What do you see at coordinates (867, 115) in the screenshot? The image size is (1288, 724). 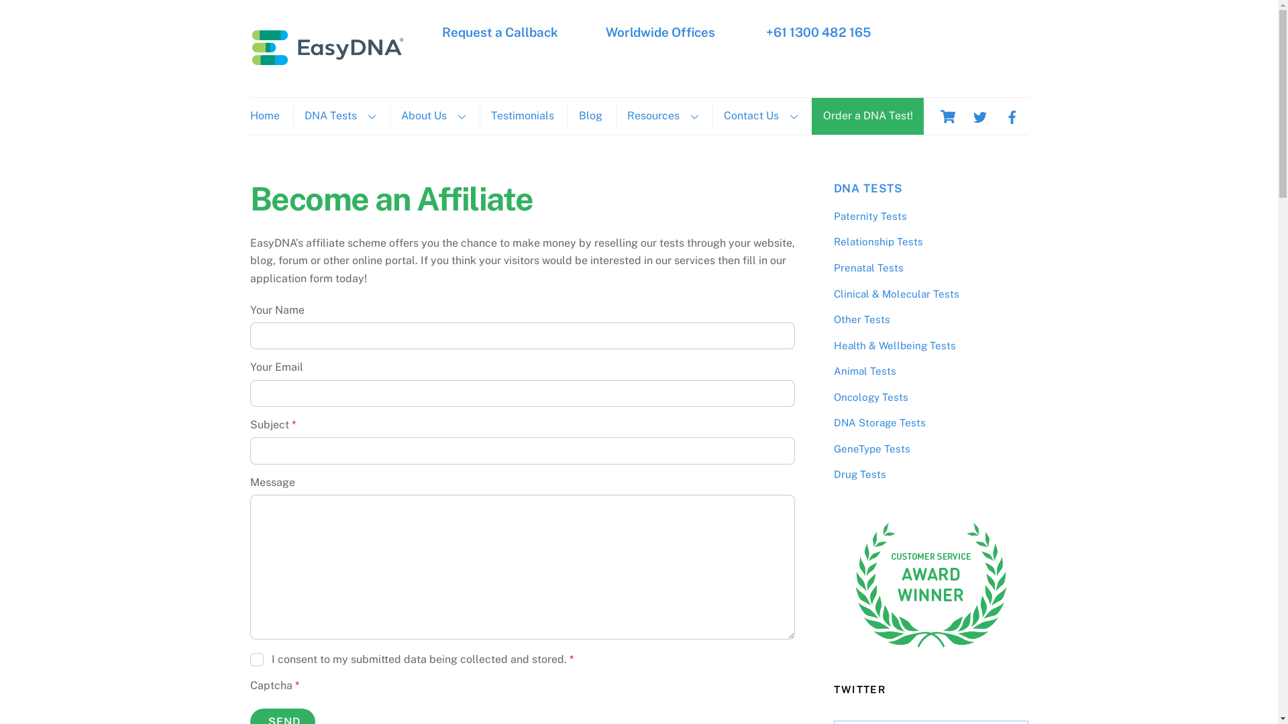 I see `'Order a DNA Test!'` at bounding box center [867, 115].